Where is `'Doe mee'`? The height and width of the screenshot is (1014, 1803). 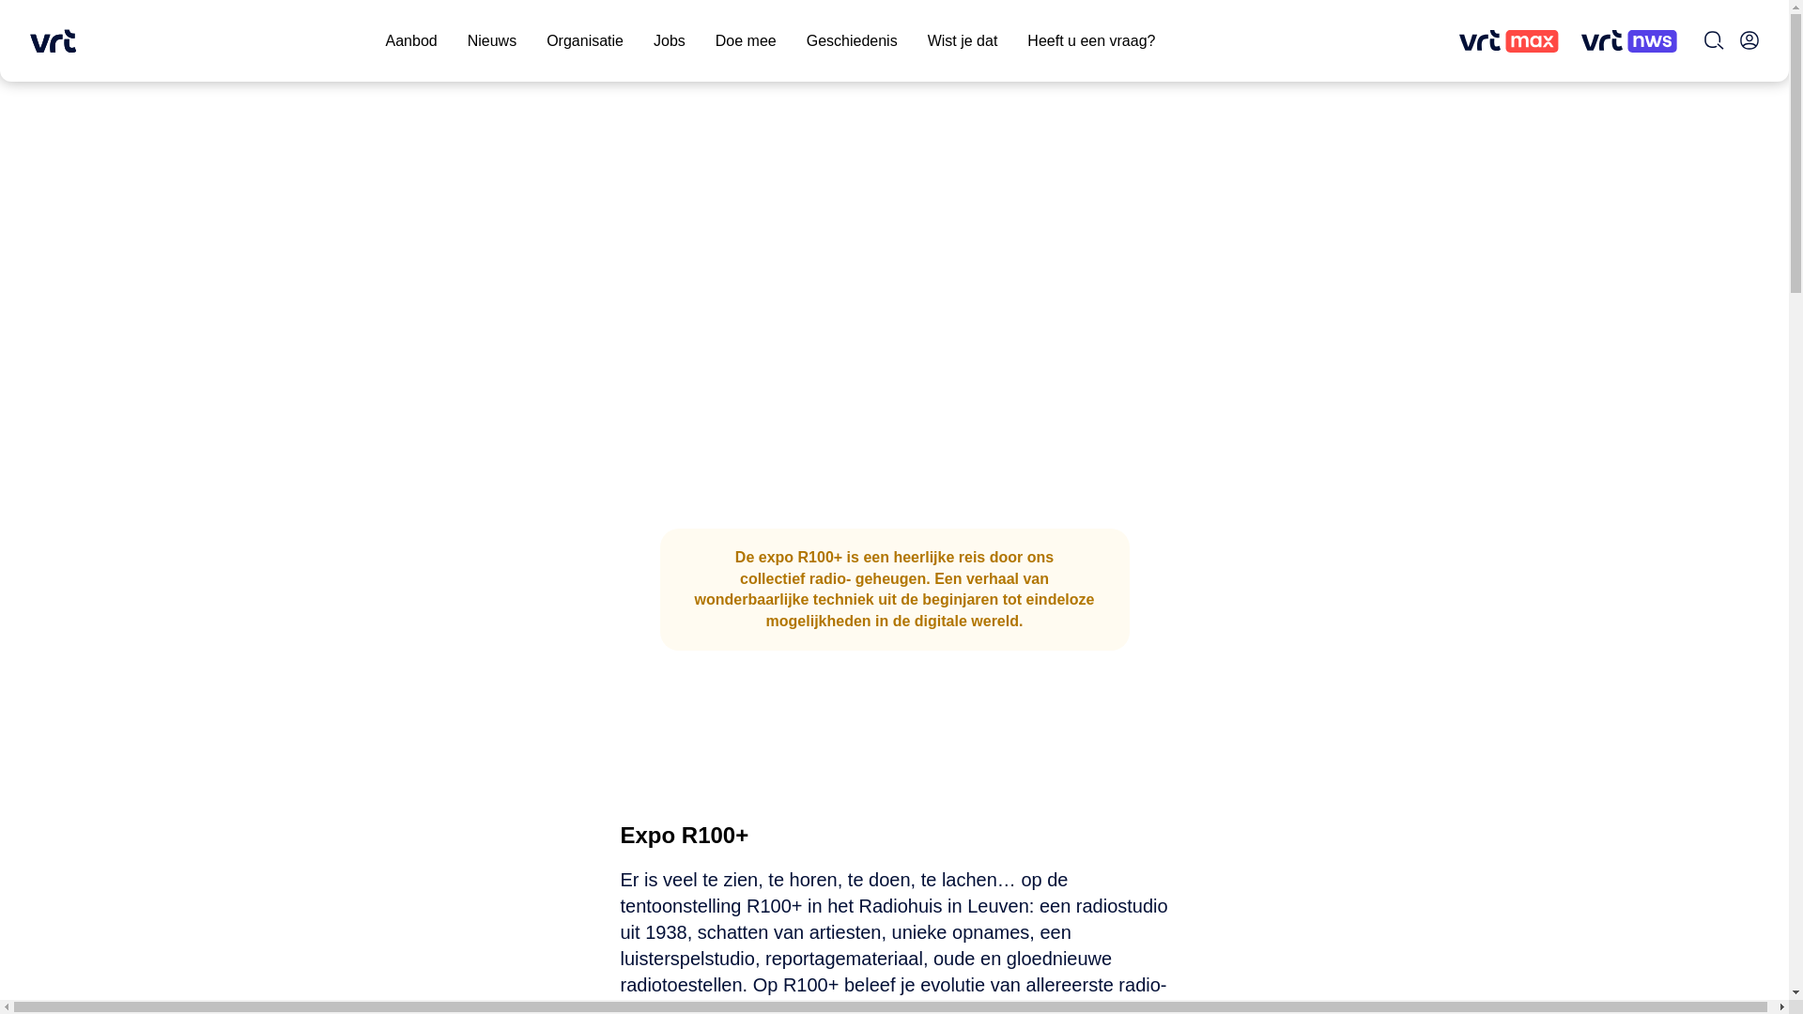 'Doe mee' is located at coordinates (745, 40).